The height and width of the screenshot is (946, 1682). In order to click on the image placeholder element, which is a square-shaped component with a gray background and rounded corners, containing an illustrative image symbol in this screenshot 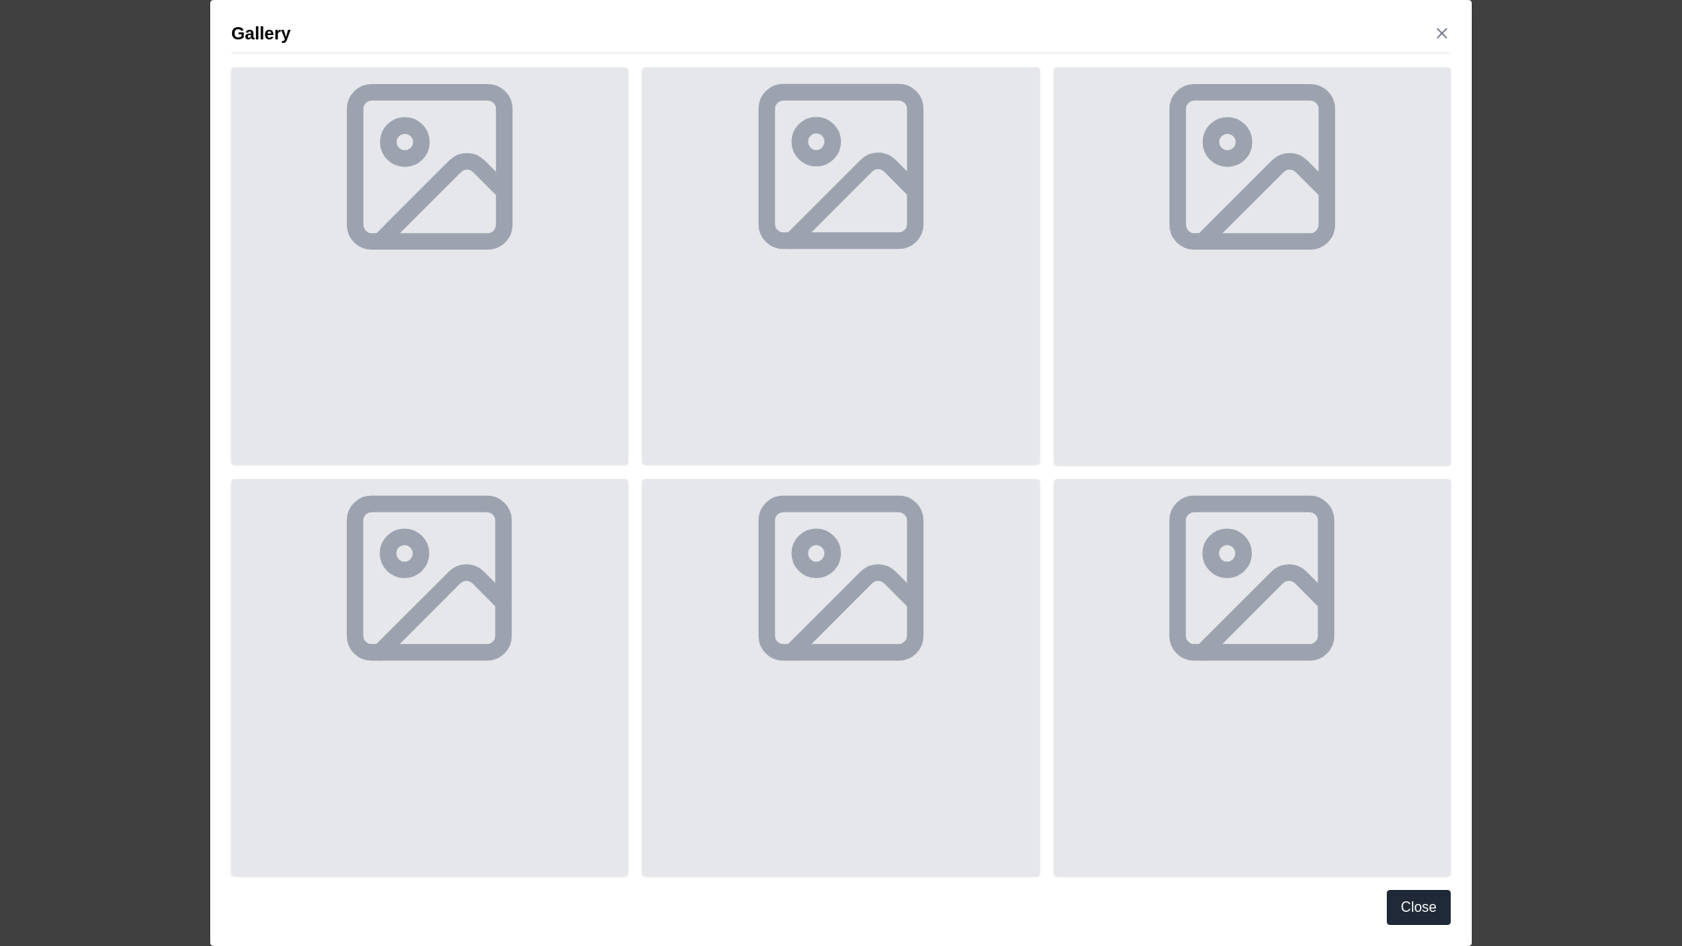, I will do `click(429, 676)`.